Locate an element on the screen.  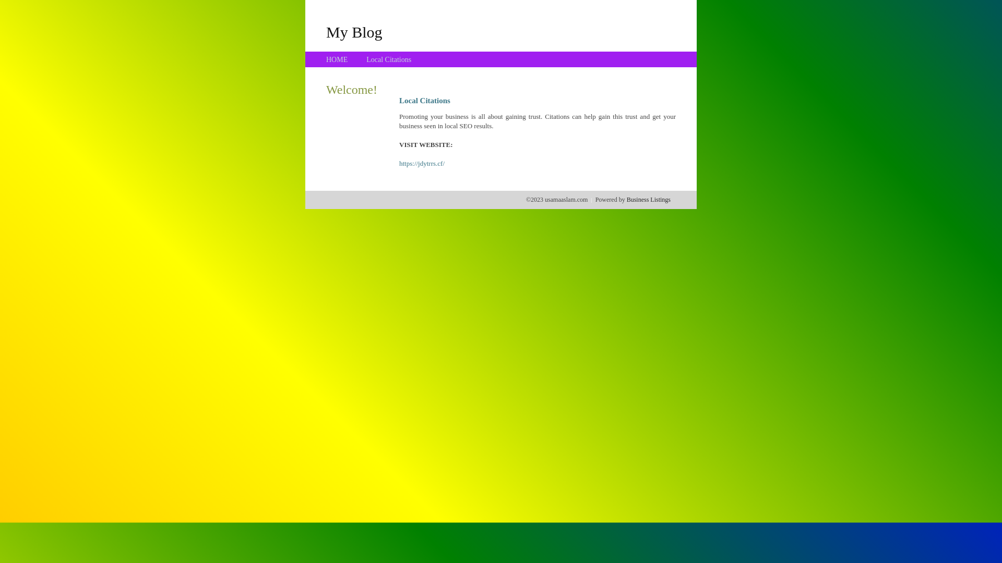
'Local Citations' is located at coordinates (388, 59).